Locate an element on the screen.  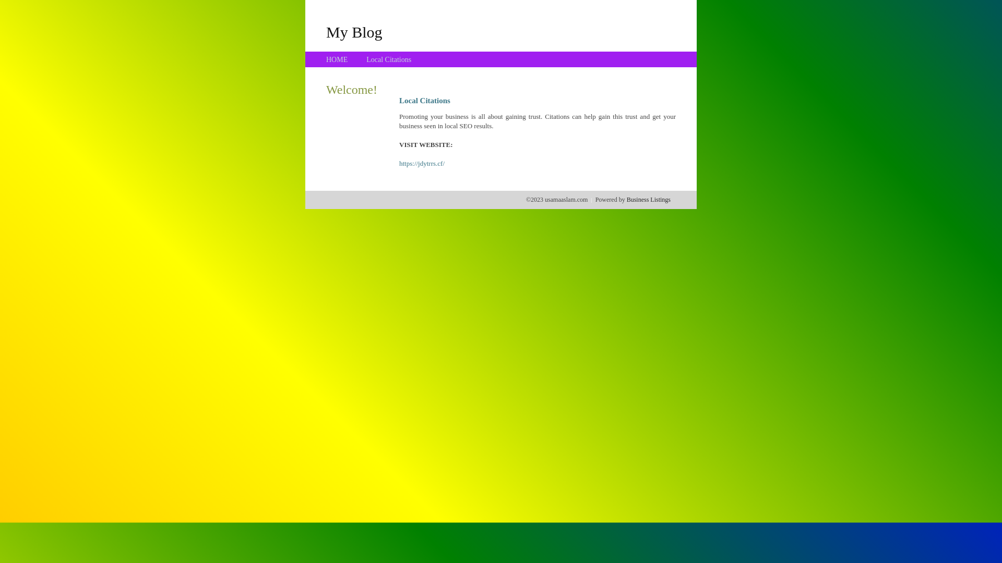
'Local Citations' is located at coordinates (388, 59).